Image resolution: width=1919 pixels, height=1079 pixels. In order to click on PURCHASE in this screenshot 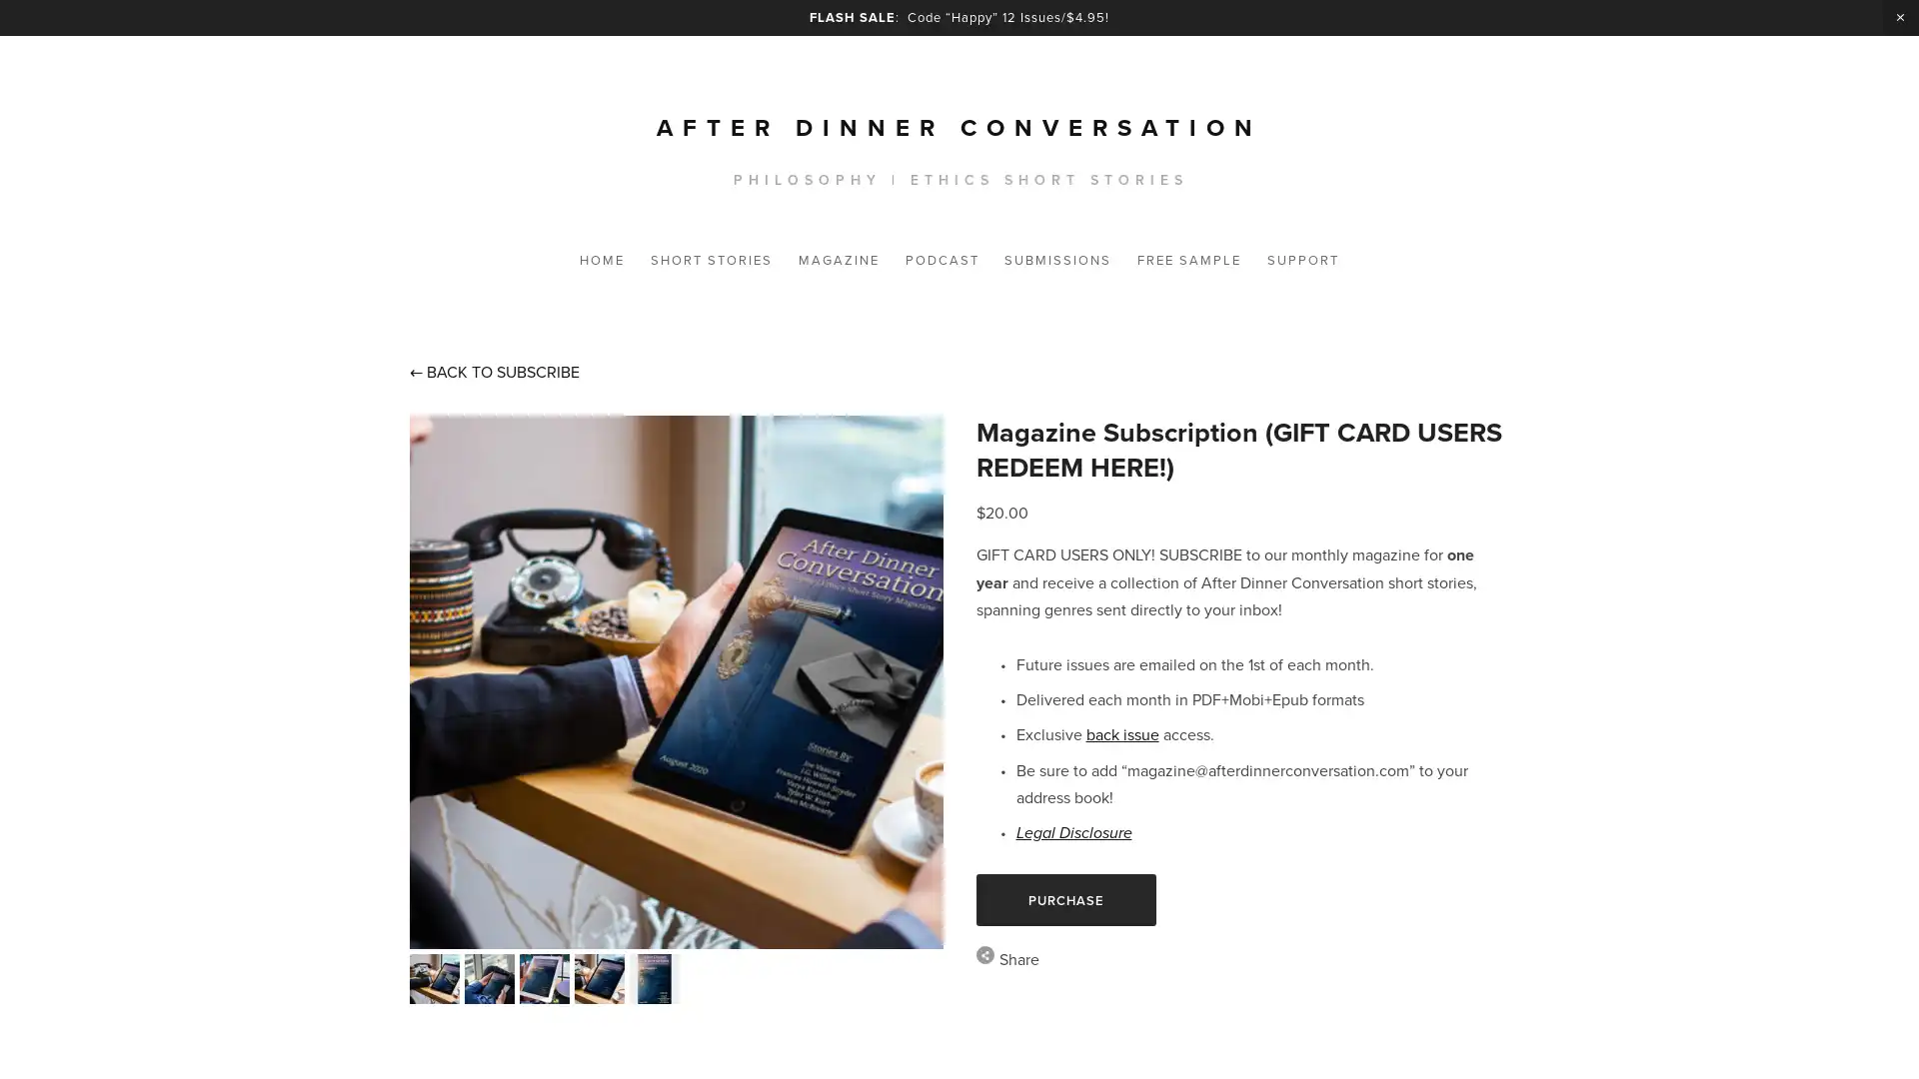, I will do `click(1063, 900)`.